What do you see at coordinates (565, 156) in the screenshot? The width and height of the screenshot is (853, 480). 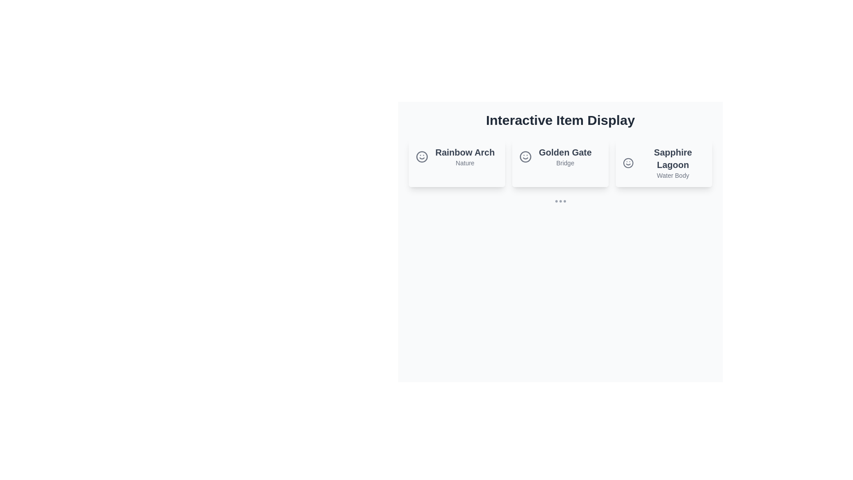 I see `the text label displaying the title and subtitle of the 'Golden Gate' item, which is located below the circular icon in the second card of a horizontal set of three cards` at bounding box center [565, 156].